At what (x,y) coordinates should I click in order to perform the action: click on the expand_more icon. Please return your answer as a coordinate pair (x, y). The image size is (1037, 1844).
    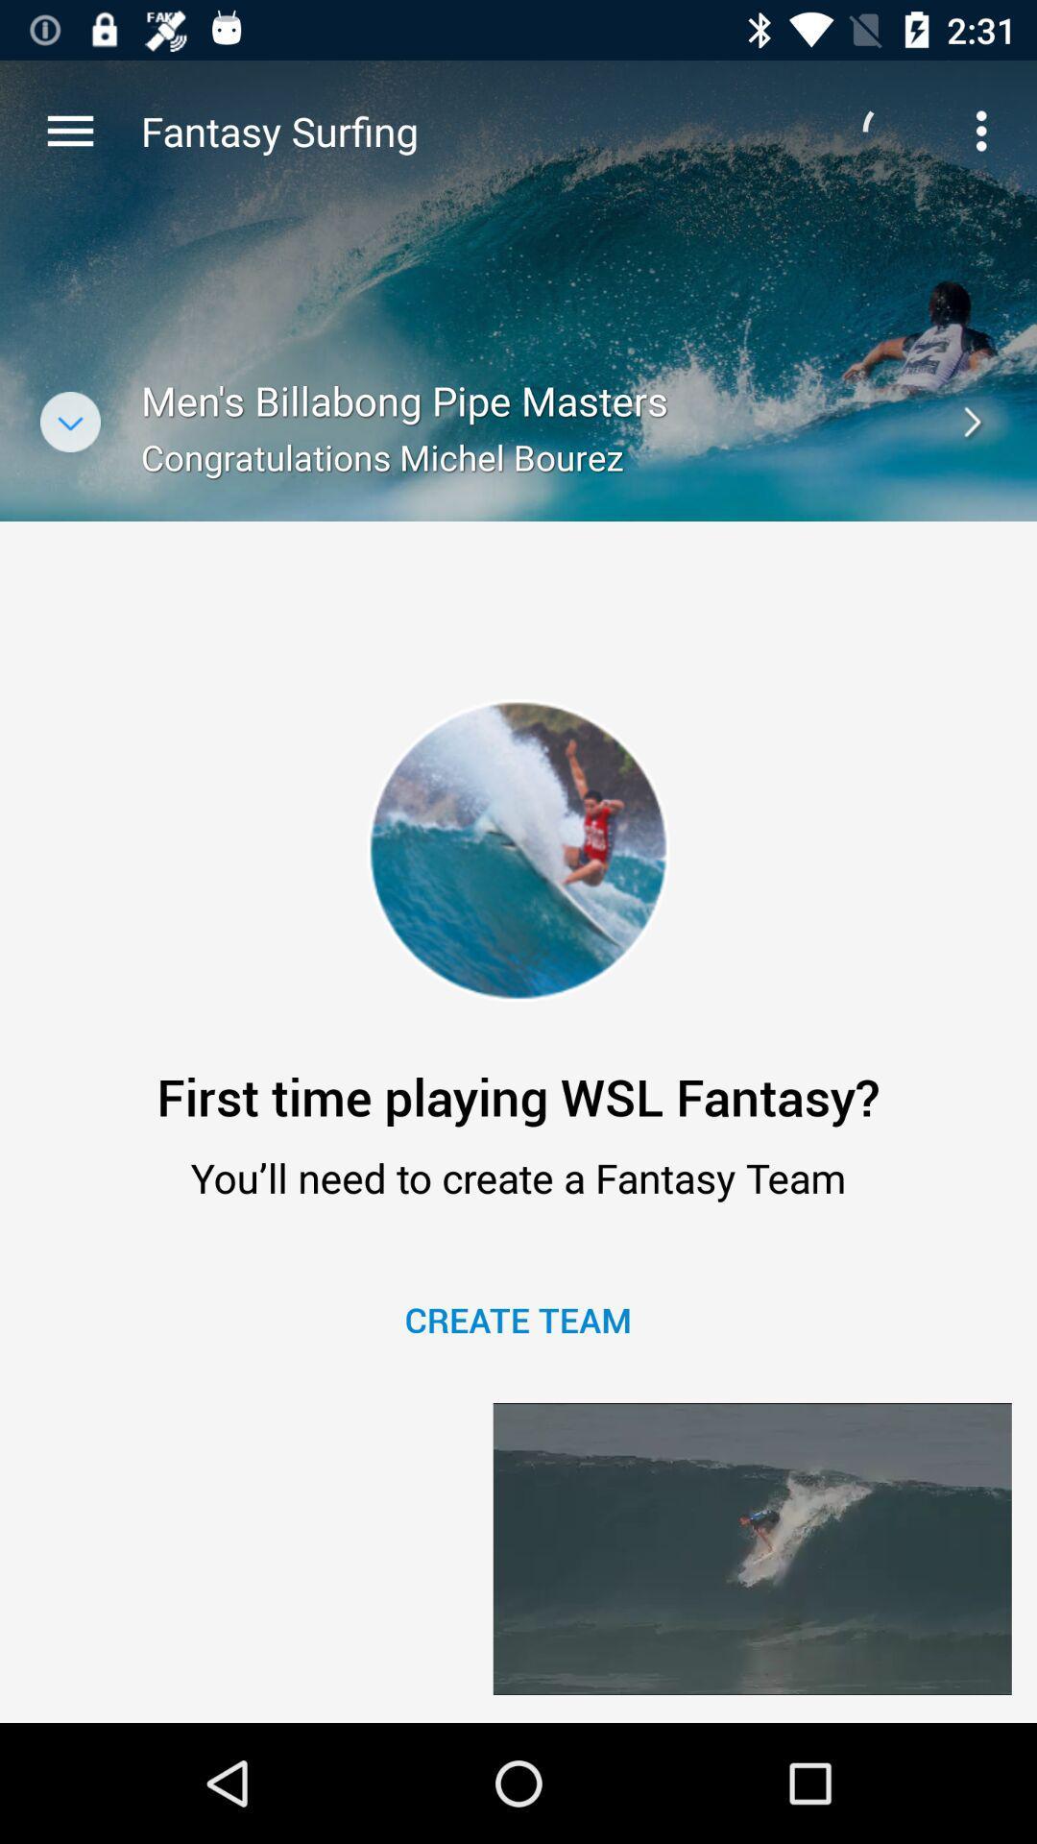
    Looking at the image, I should click on (69, 421).